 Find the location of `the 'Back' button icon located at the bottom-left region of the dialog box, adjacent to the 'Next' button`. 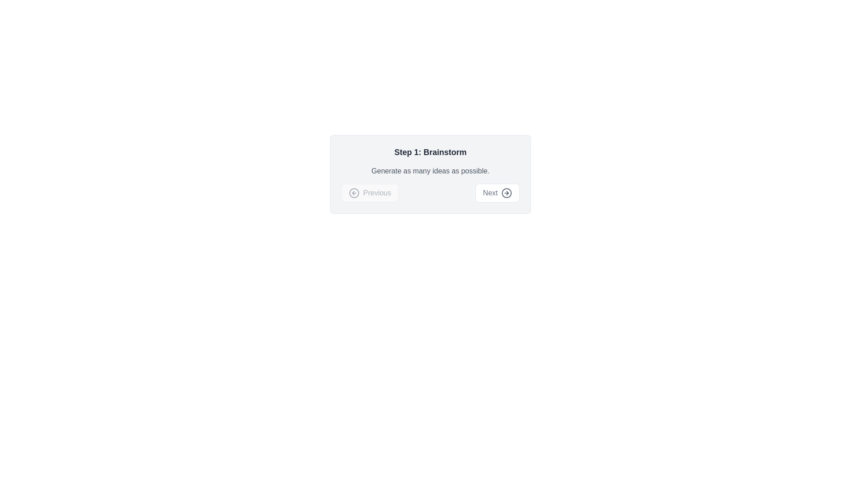

the 'Back' button icon located at the bottom-left region of the dialog box, adjacent to the 'Next' button is located at coordinates (354, 193).